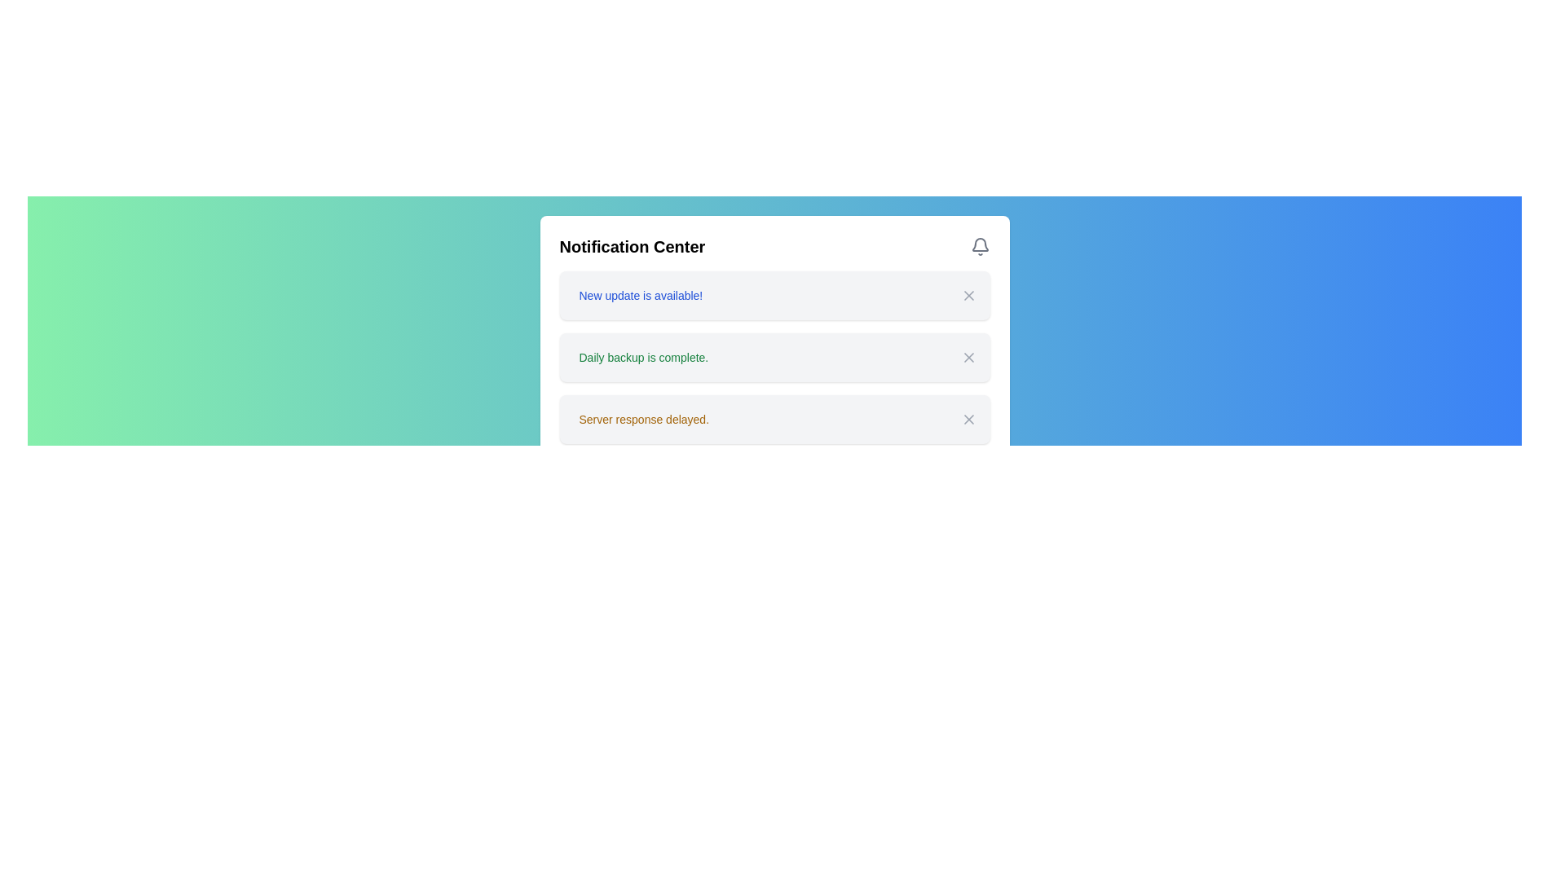  I want to click on the first notification item in the notification center panel, which displays the message 'New update is available!' for accessibility options, so click(774, 295).